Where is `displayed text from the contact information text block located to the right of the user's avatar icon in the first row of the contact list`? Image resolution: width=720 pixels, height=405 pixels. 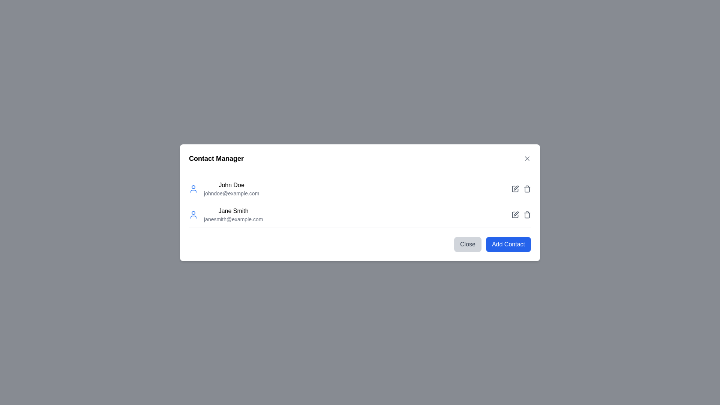 displayed text from the contact information text block located to the right of the user's avatar icon in the first row of the contact list is located at coordinates (231, 188).